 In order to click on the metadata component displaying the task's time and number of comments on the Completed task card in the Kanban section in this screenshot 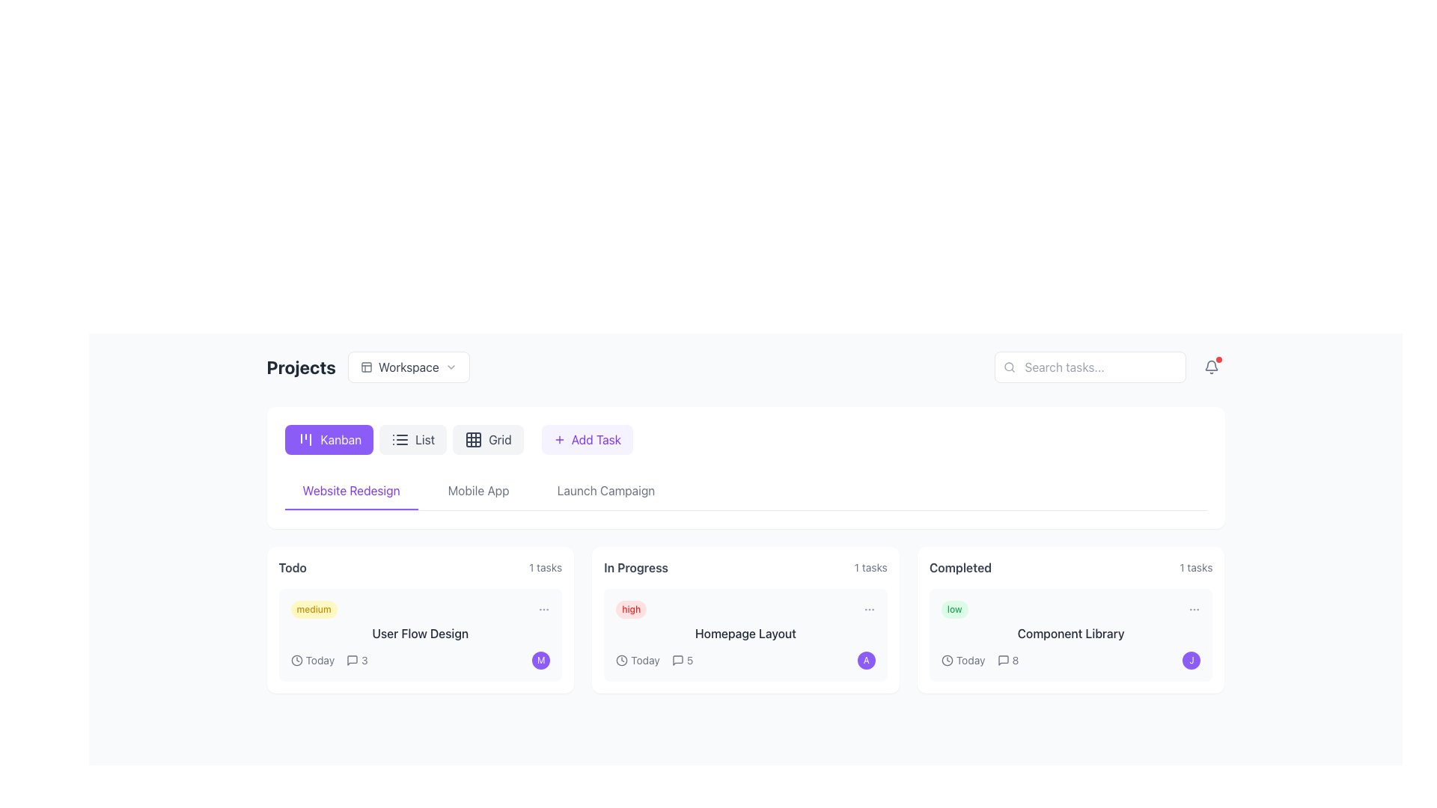, I will do `click(980, 660)`.